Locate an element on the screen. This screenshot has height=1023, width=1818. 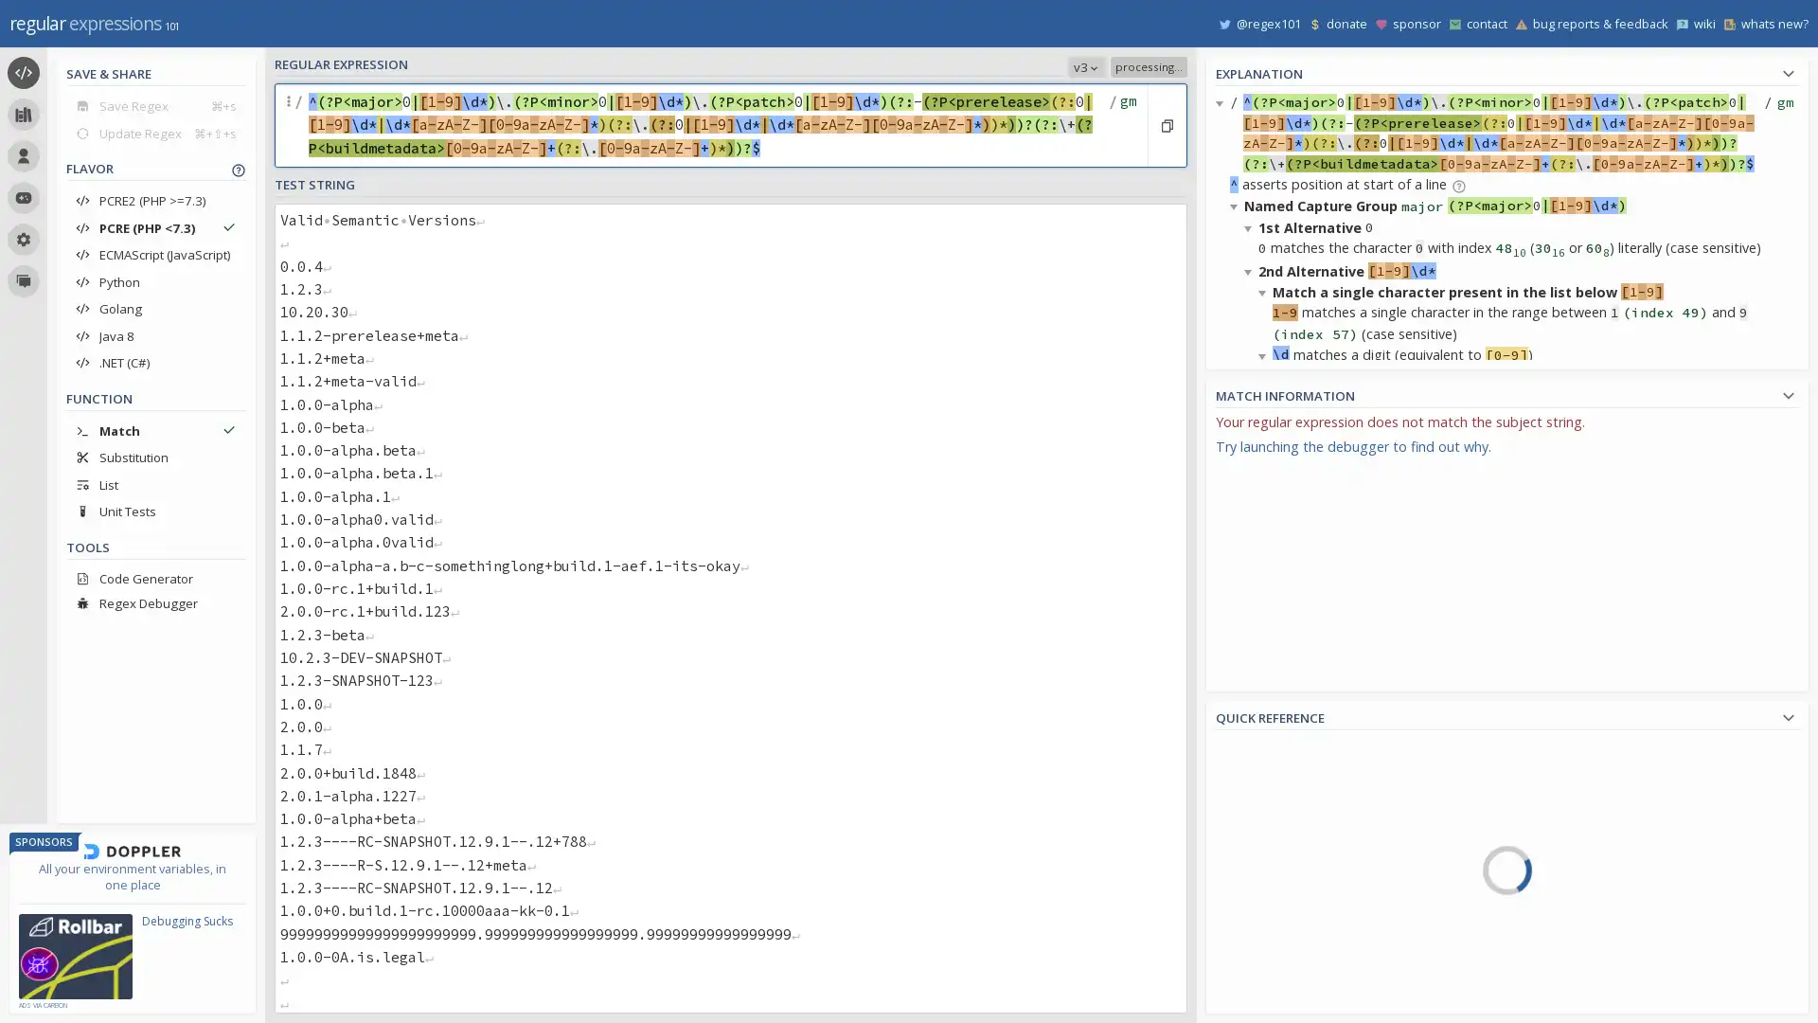
Collapse Subtree is located at coordinates (1237, 206).